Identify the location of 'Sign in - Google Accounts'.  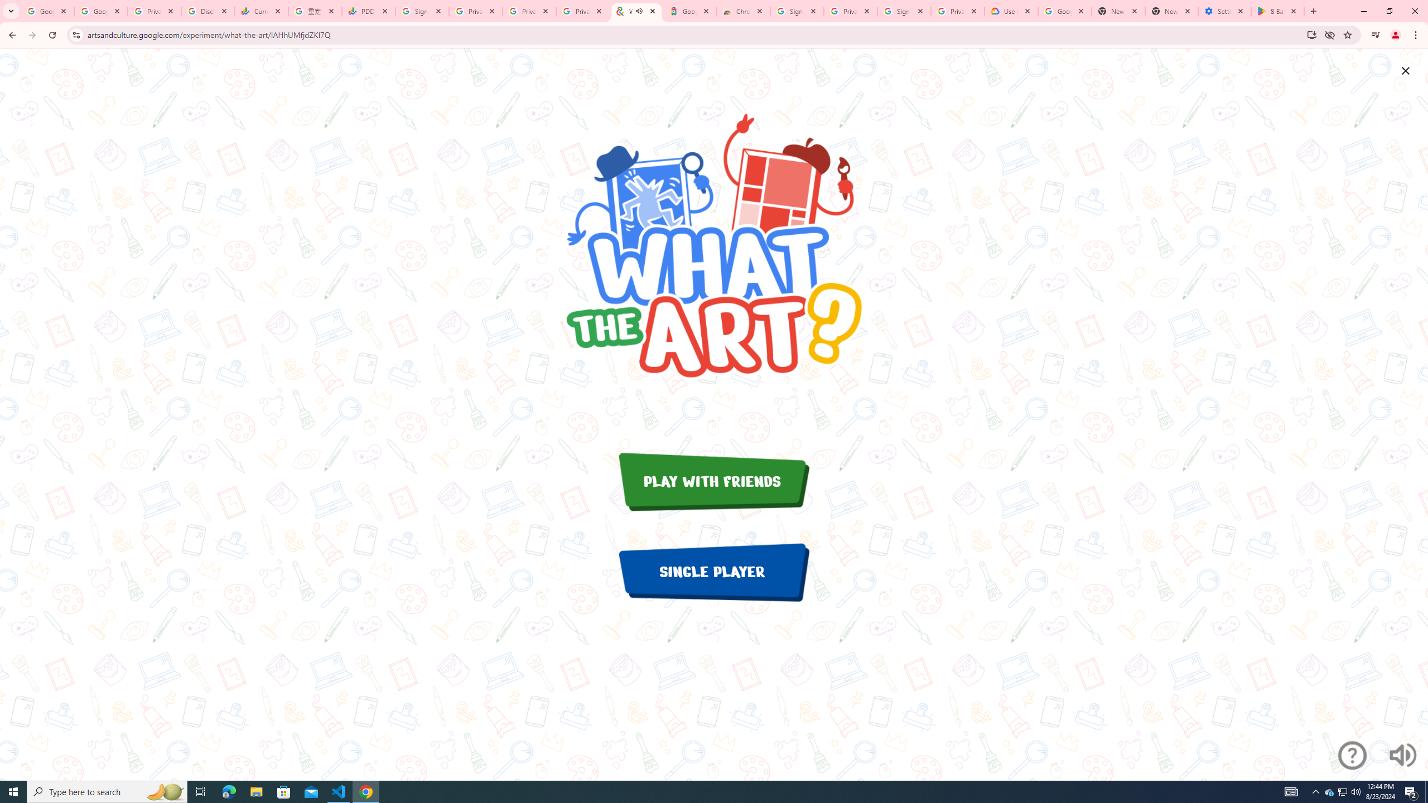
(796, 11).